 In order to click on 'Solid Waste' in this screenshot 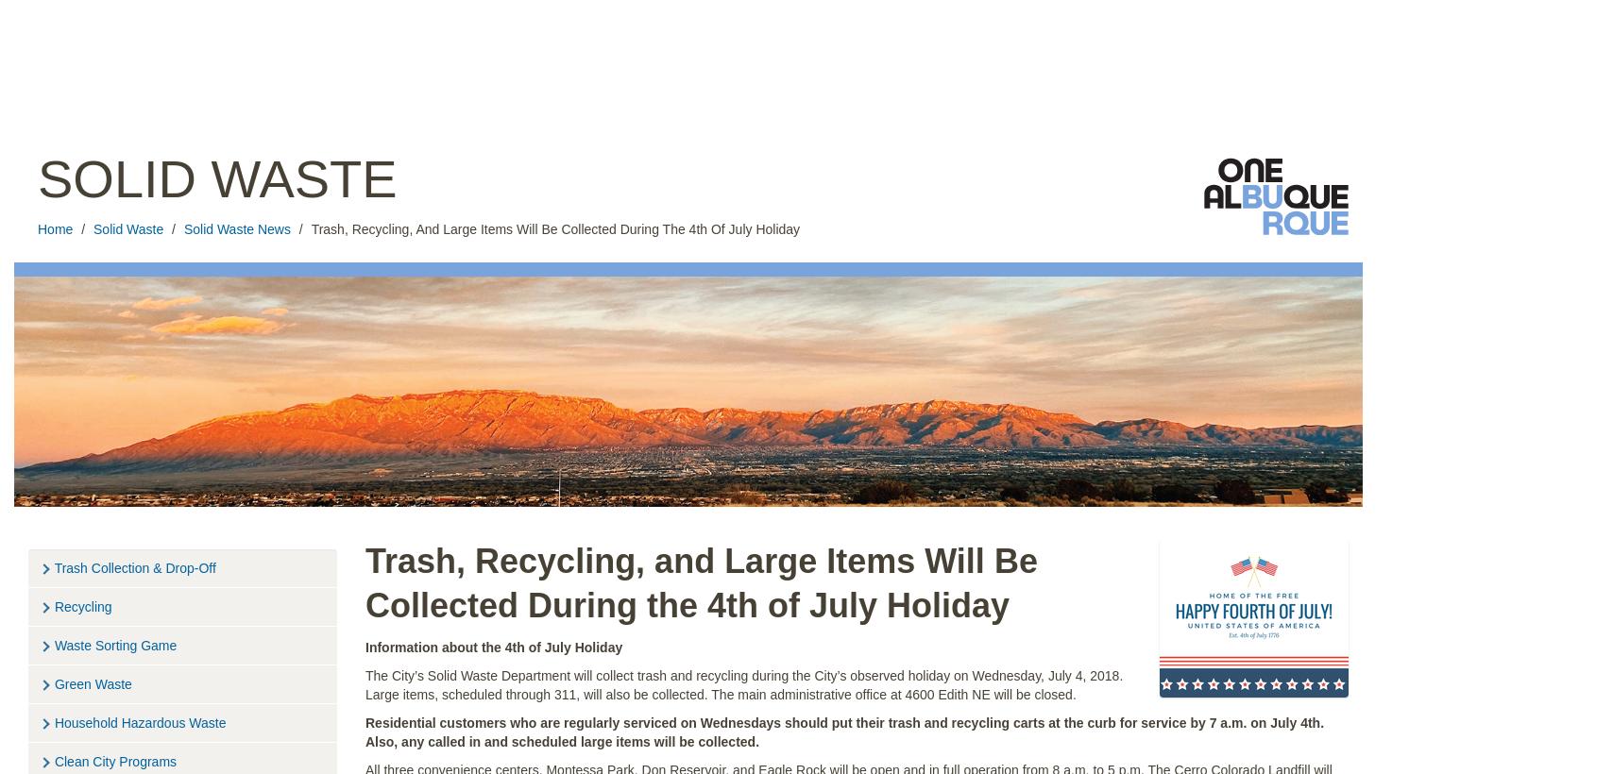, I will do `click(217, 178)`.